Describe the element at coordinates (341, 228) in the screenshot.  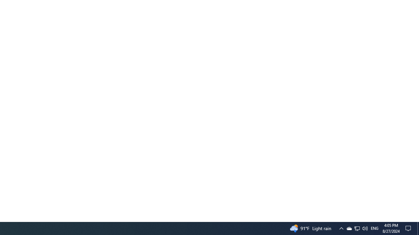
I see `'Notification Chevron'` at that location.